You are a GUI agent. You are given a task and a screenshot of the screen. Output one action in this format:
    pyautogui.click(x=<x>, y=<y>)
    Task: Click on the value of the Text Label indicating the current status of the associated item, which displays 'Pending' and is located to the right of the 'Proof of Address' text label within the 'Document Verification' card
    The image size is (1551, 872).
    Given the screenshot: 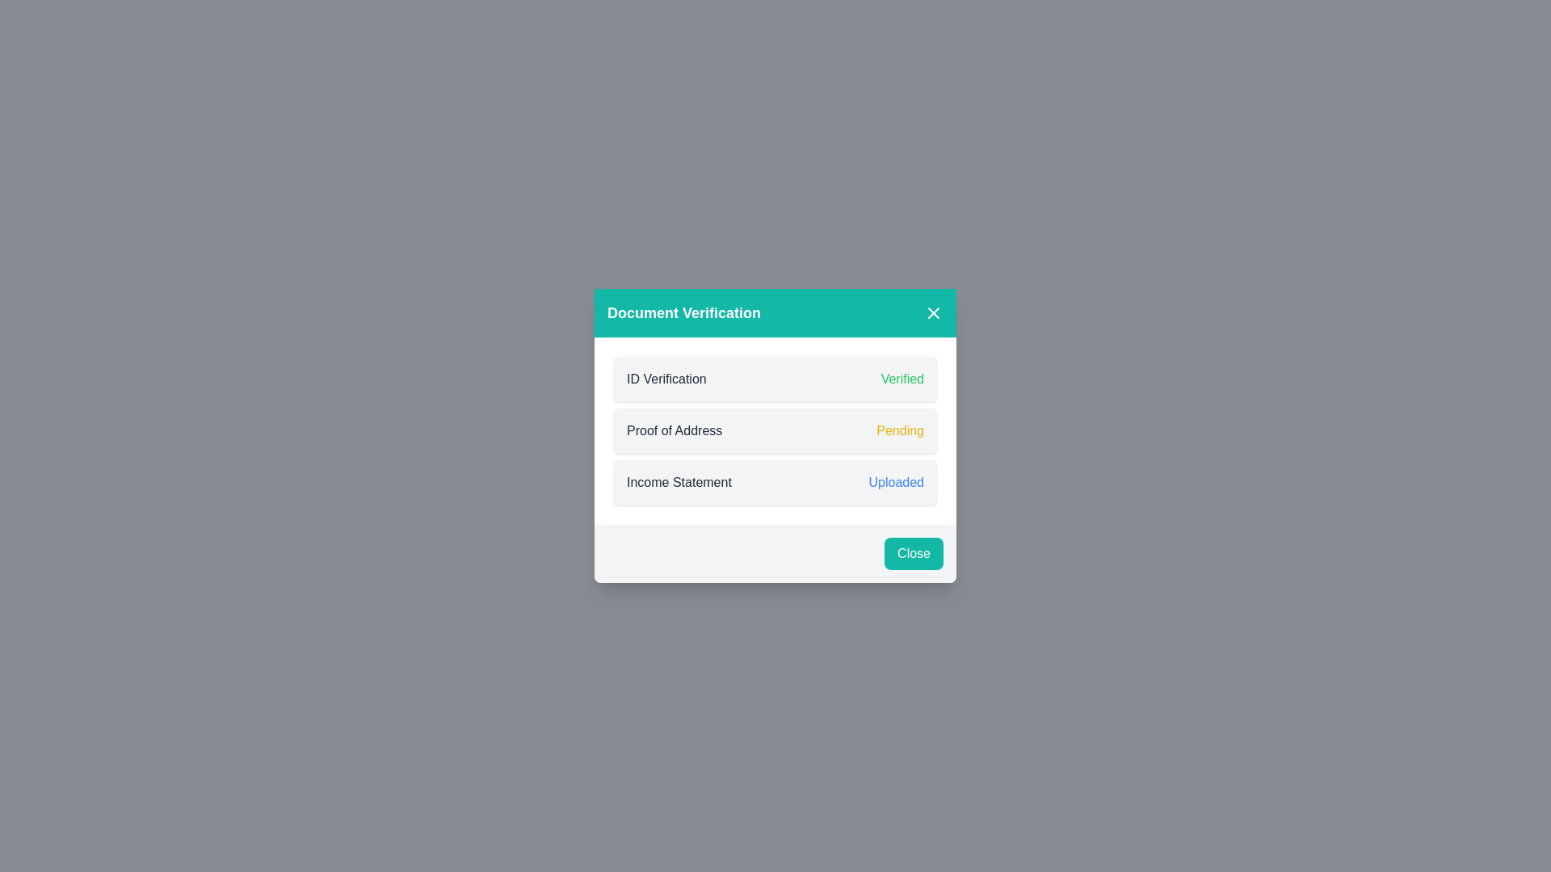 What is the action you would take?
    pyautogui.click(x=899, y=430)
    